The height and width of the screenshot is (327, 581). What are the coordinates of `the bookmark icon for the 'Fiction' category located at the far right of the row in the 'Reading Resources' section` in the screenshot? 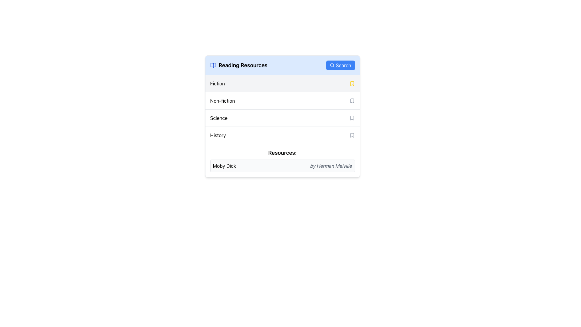 It's located at (352, 84).